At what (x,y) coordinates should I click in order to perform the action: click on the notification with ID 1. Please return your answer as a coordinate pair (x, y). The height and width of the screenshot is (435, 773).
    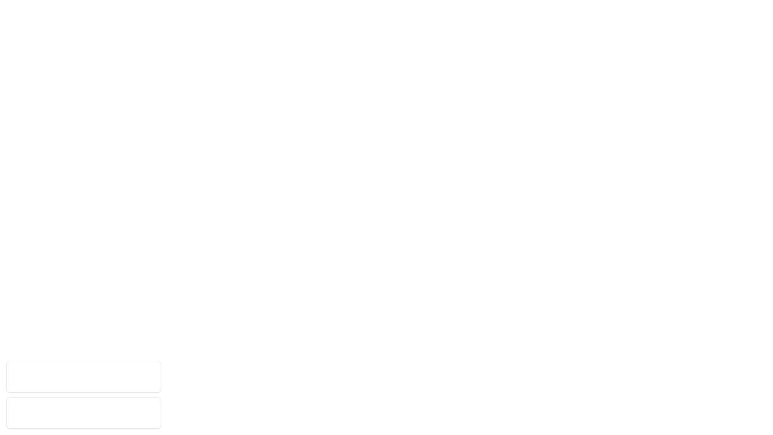
    Looking at the image, I should click on (83, 376).